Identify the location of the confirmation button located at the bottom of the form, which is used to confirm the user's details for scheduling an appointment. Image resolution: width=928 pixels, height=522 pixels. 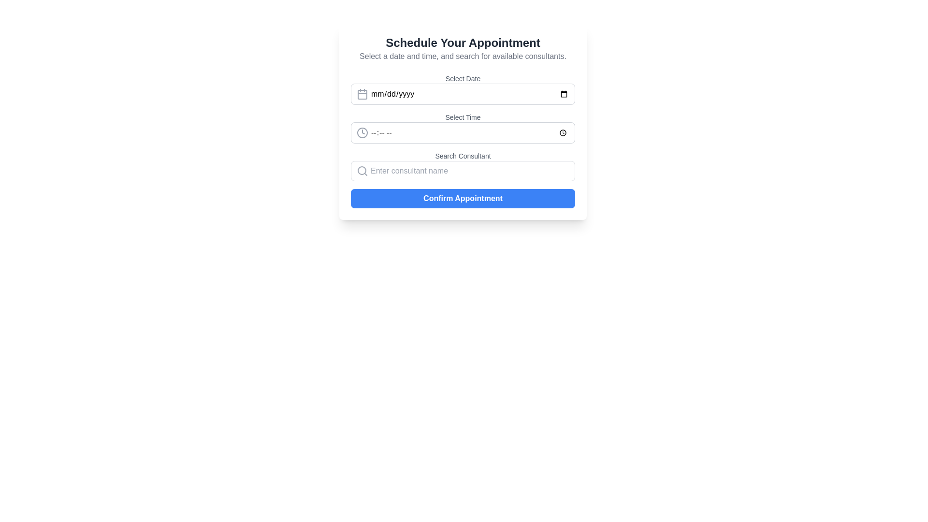
(463, 198).